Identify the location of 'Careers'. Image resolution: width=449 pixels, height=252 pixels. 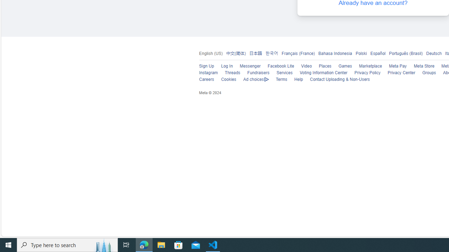
(206, 79).